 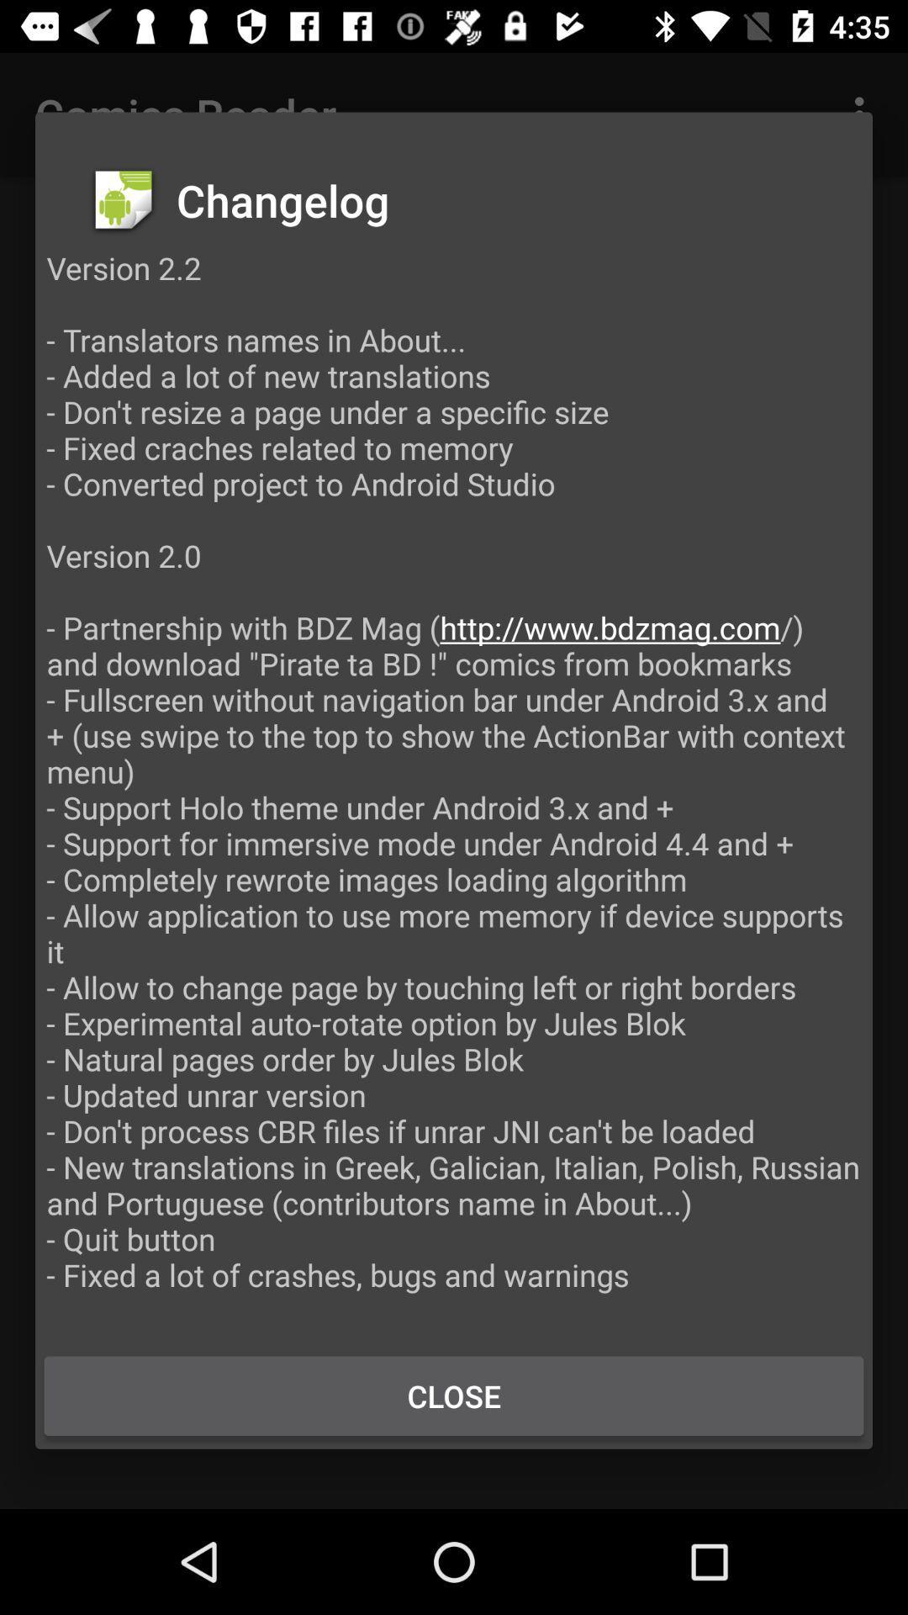 What do you see at coordinates (454, 788) in the screenshot?
I see `button above close` at bounding box center [454, 788].